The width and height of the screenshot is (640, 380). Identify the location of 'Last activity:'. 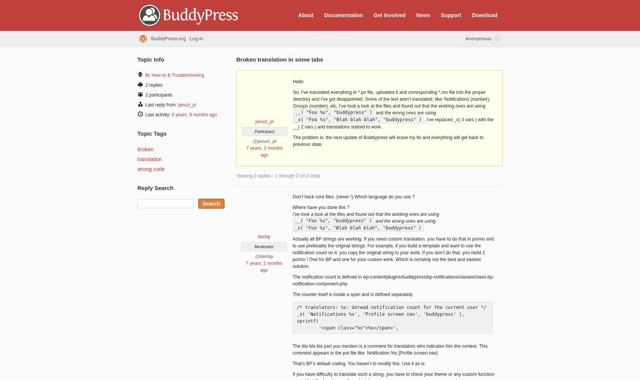
(158, 115).